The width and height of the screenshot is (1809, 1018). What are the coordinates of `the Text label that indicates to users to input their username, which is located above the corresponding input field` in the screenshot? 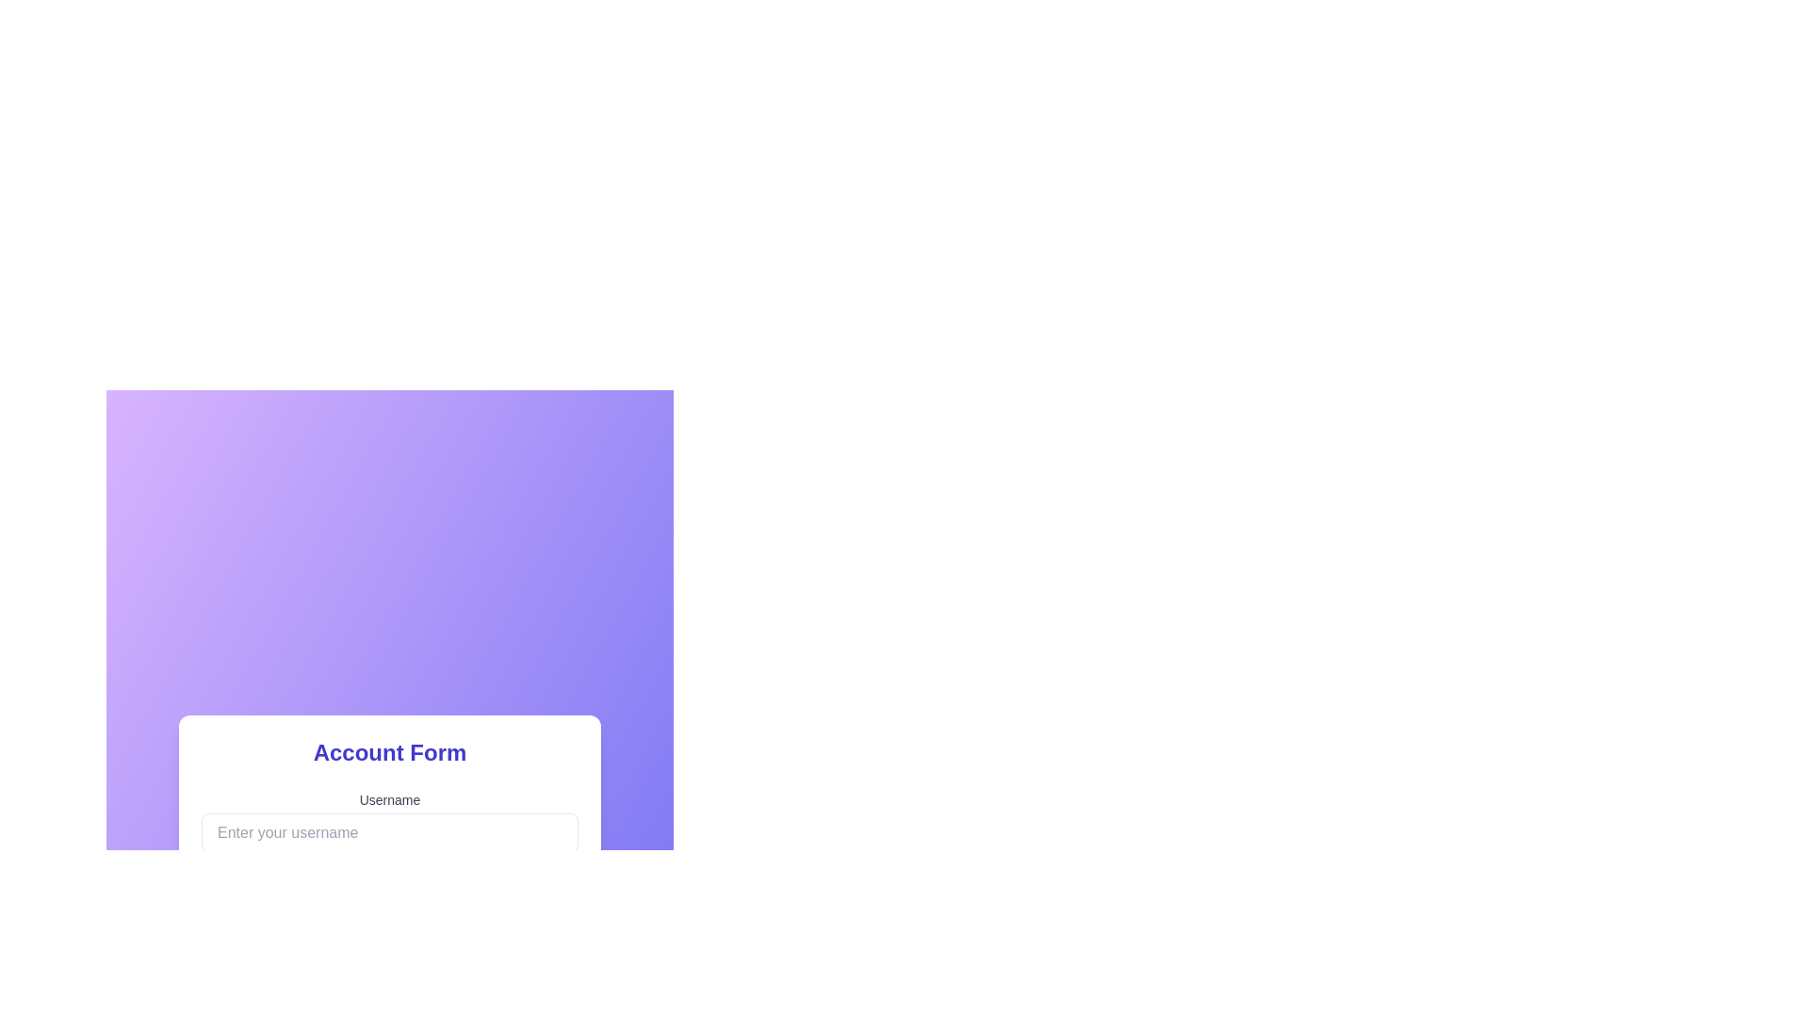 It's located at (388, 799).